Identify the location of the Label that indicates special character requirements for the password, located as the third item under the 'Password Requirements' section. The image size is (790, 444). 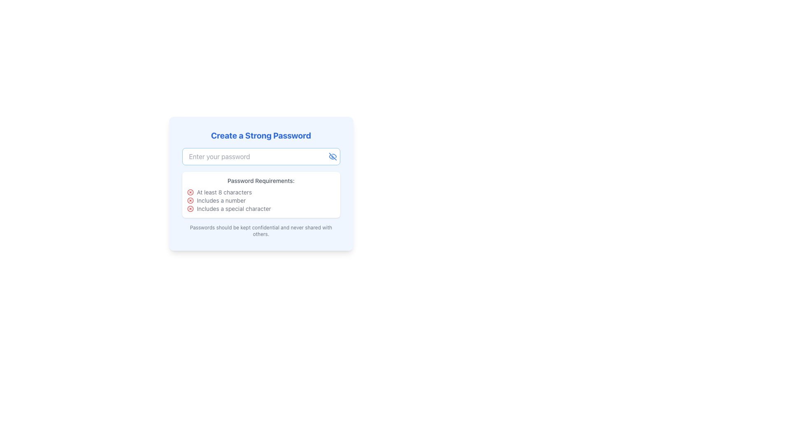
(233, 208).